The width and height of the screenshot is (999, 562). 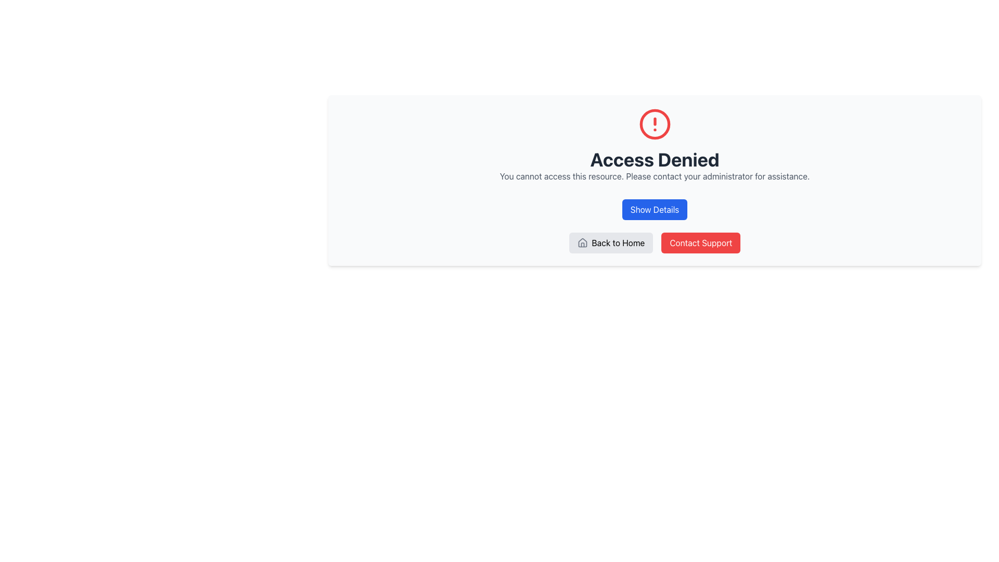 I want to click on static informational text that advises on resource access restrictions, located below the 'Access Denied' heading and above the 'Show Details' button, so click(x=654, y=176).